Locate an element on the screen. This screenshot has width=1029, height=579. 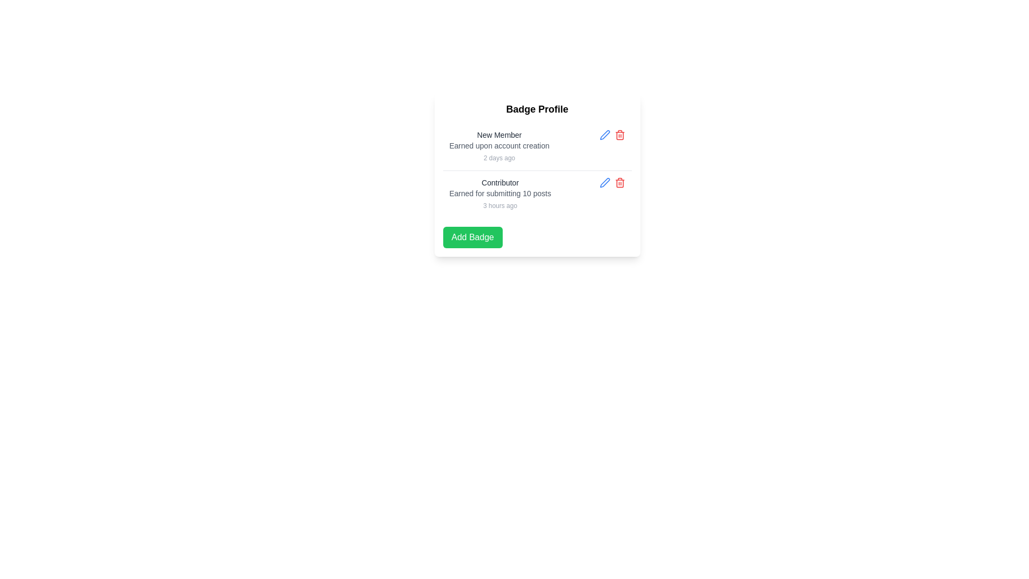
badges displayed within the divided list in the 'Badge Profile' section, which contains entries for 'New Member' and other badges is located at coordinates (537, 170).